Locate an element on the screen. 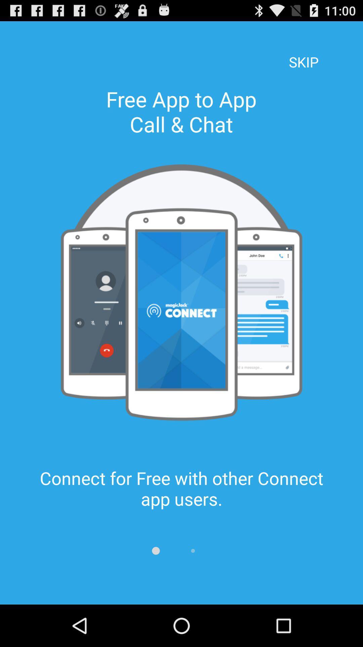 The height and width of the screenshot is (647, 363). the current page being viewed is located at coordinates (156, 551).